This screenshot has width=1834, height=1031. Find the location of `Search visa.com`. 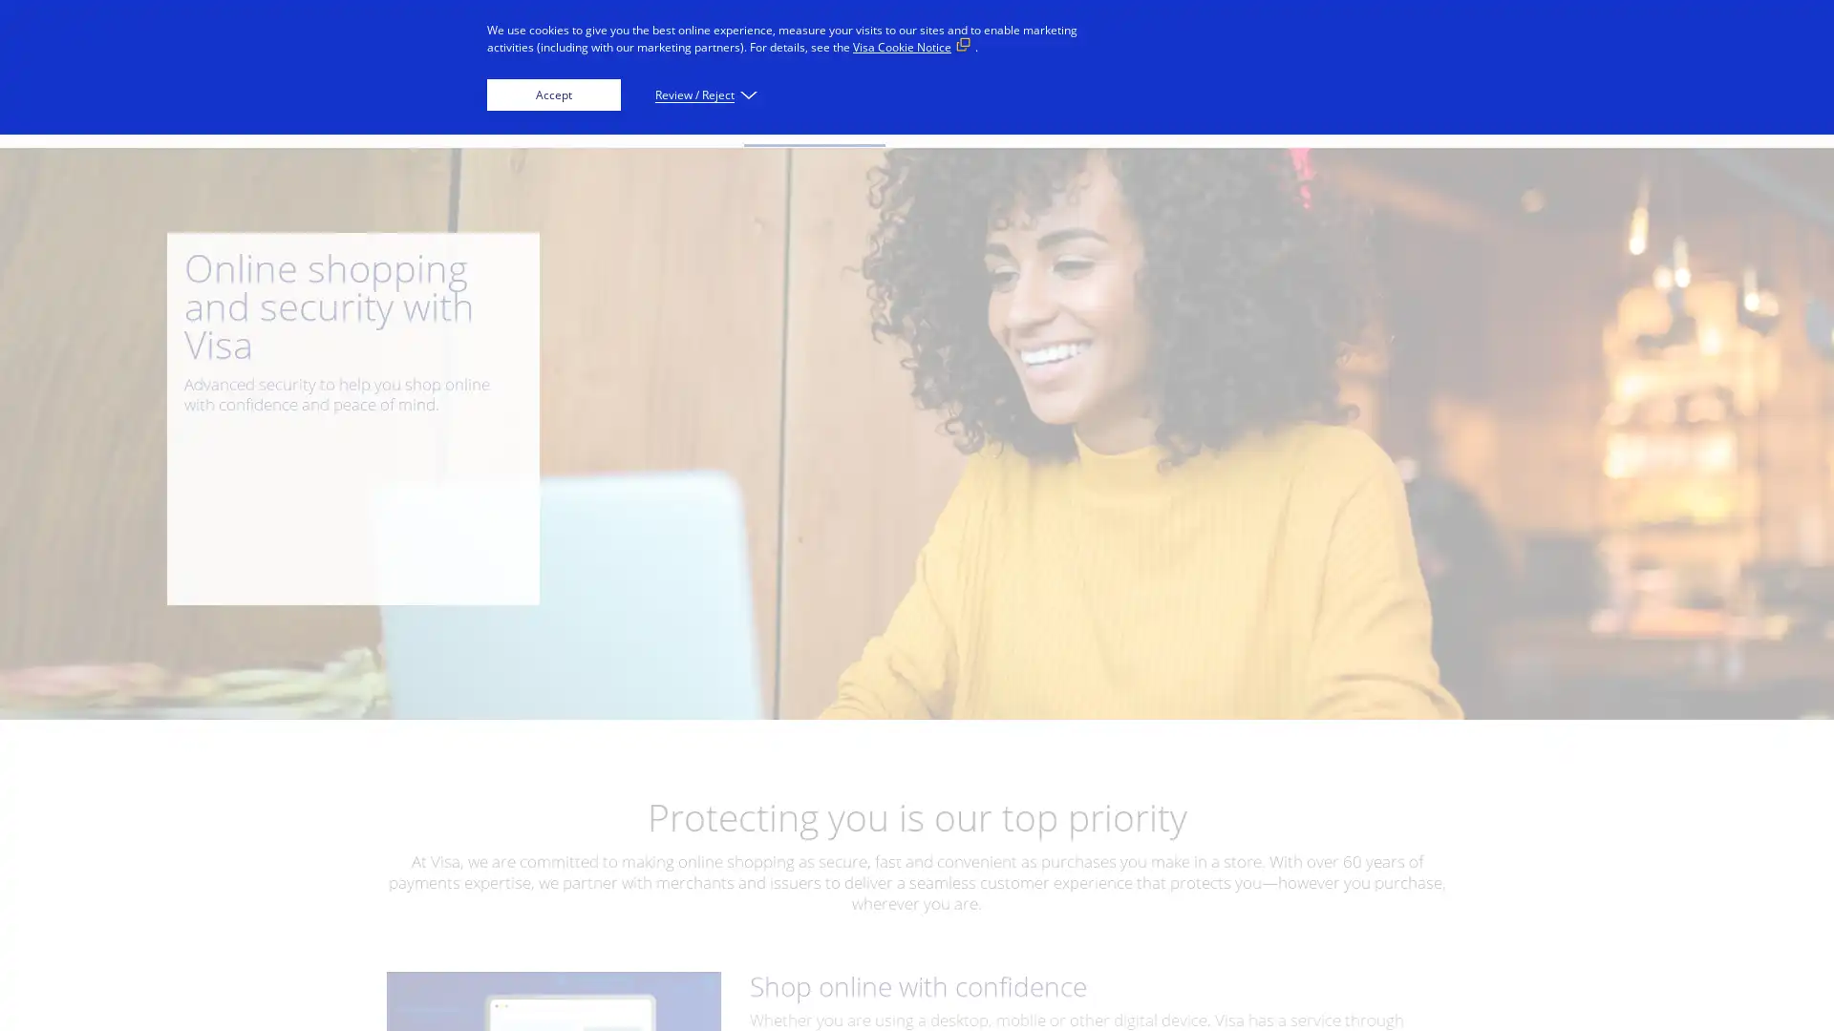

Search visa.com is located at coordinates (1787, 51).